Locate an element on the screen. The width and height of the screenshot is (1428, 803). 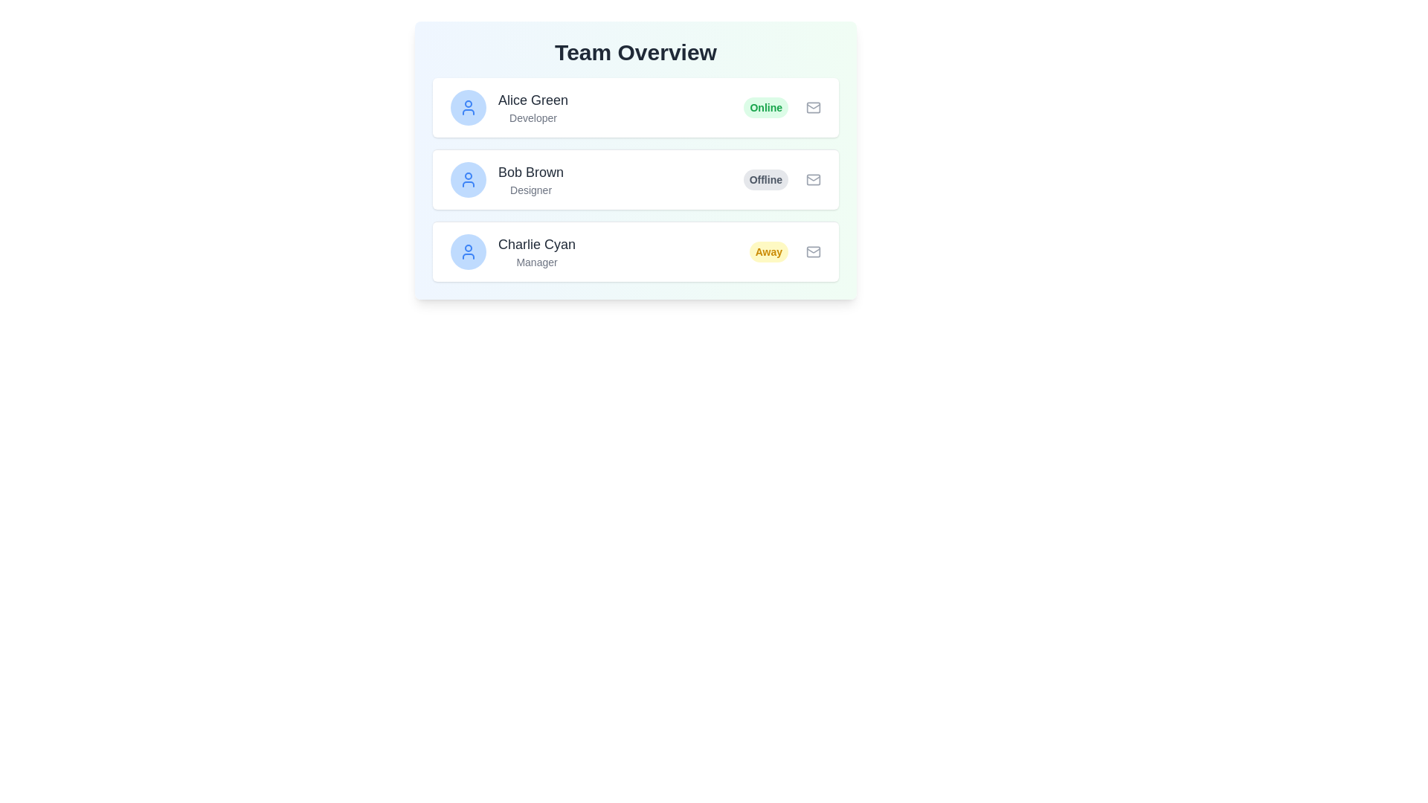
the User Avatar Icon representing 'Bob Brown' located at the top-left corner of the card is located at coordinates (467, 179).